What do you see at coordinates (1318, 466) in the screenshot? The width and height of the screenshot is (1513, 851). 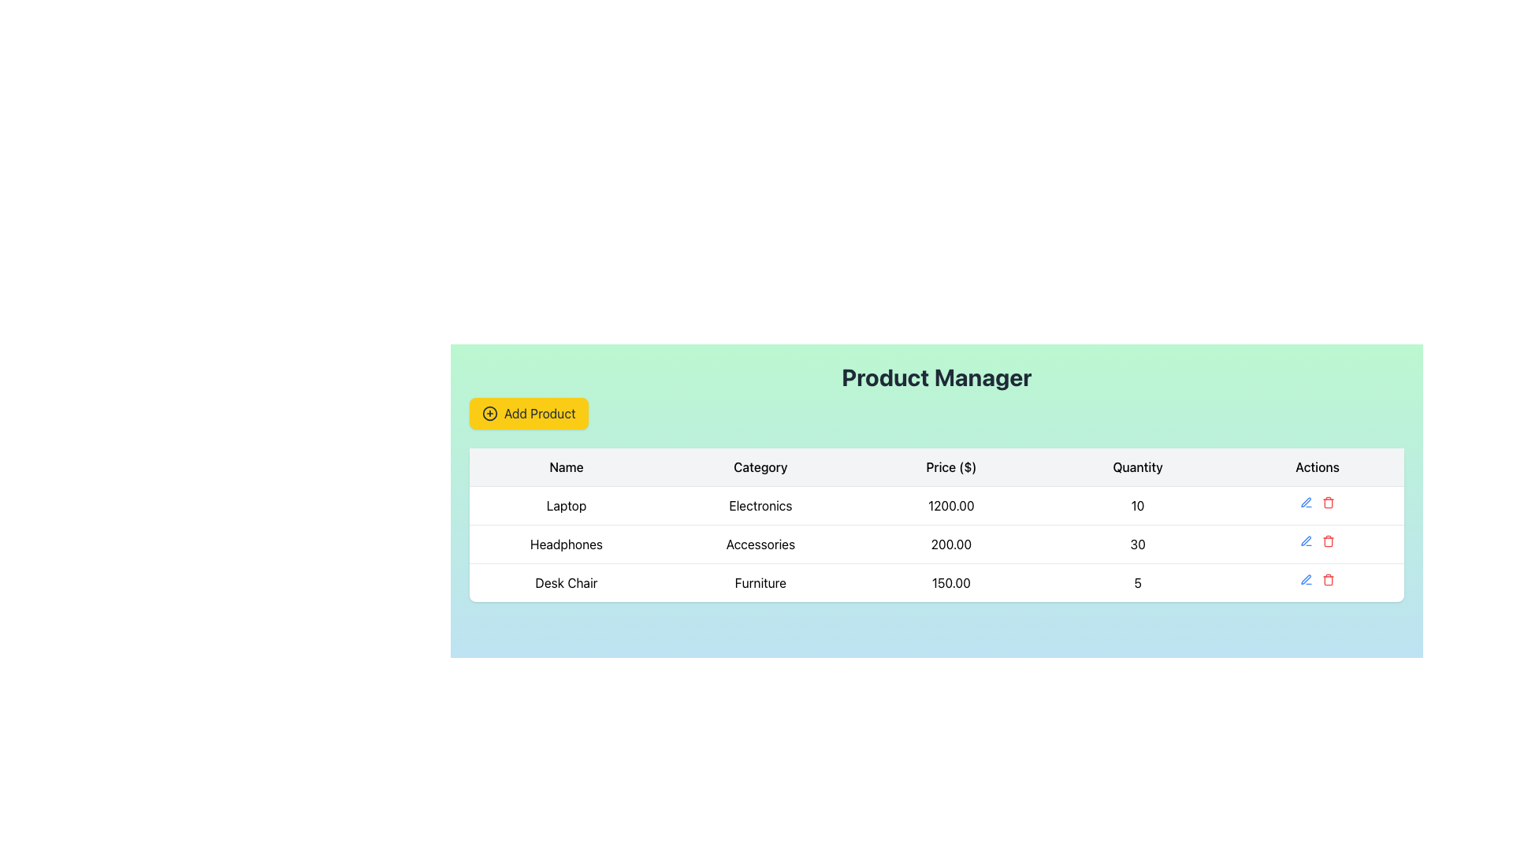 I see `the table header cell displaying 'Actions', which is the fifth column in the header row with a light background and black typography` at bounding box center [1318, 466].